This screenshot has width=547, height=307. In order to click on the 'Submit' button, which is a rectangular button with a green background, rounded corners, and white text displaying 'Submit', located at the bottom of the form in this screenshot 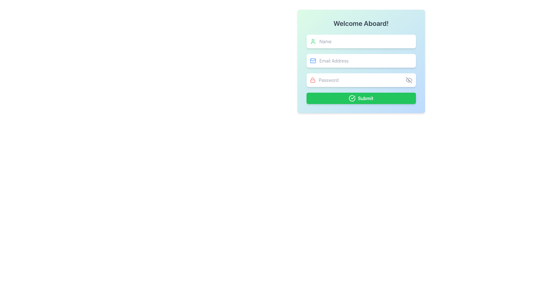, I will do `click(361, 98)`.